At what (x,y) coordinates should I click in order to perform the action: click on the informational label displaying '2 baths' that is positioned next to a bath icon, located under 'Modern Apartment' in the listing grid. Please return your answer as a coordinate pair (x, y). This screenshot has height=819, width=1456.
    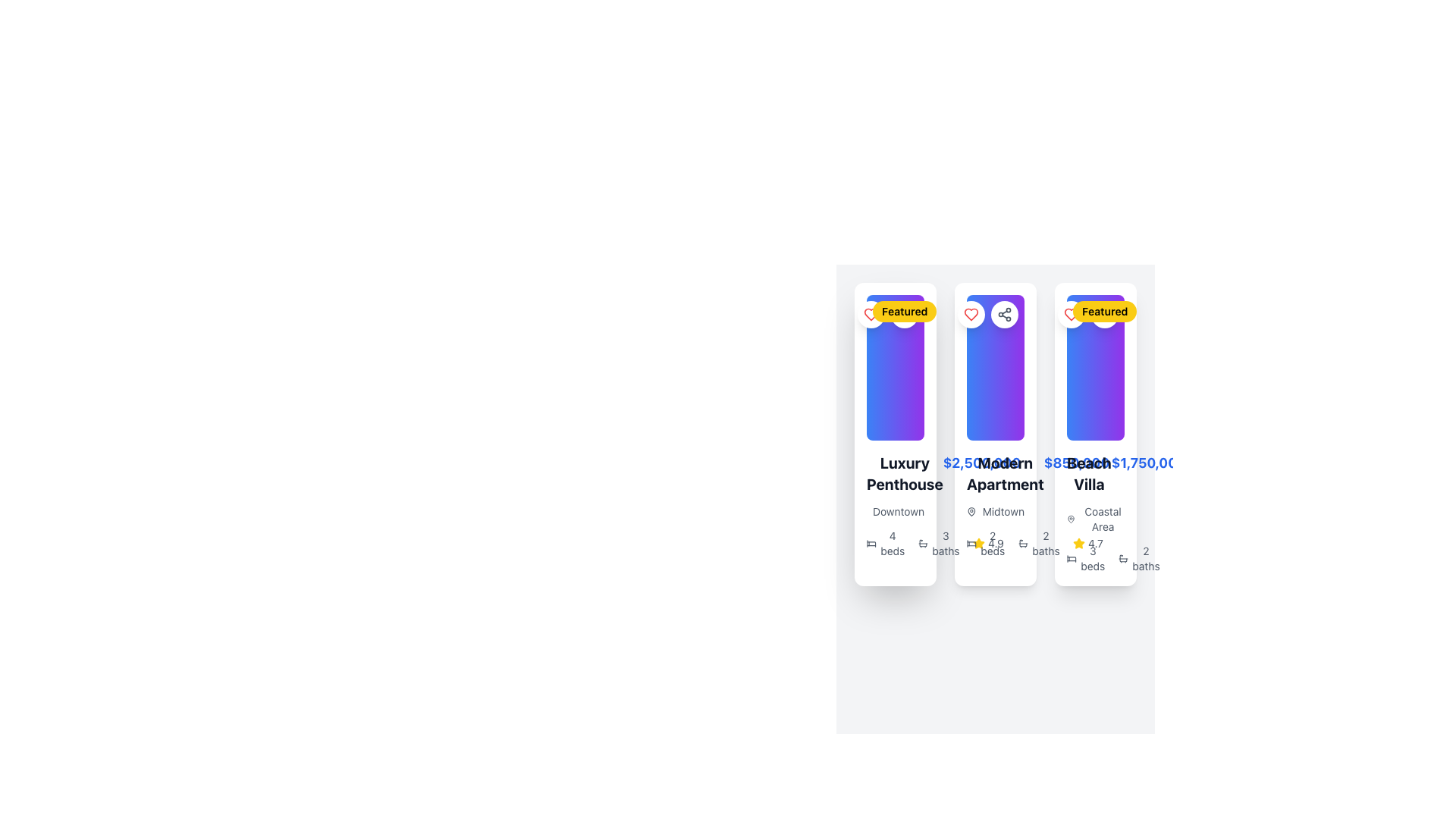
    Looking at the image, I should click on (1039, 543).